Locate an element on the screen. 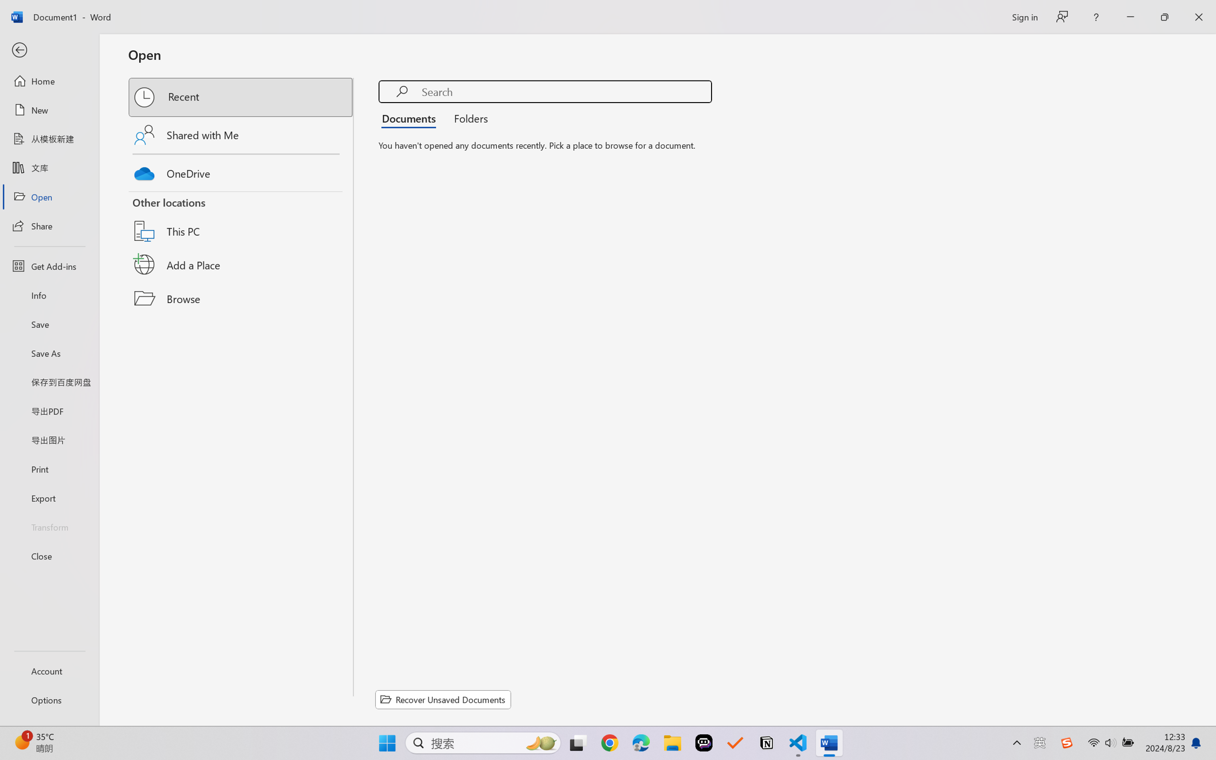  'OneDrive' is located at coordinates (241, 171).